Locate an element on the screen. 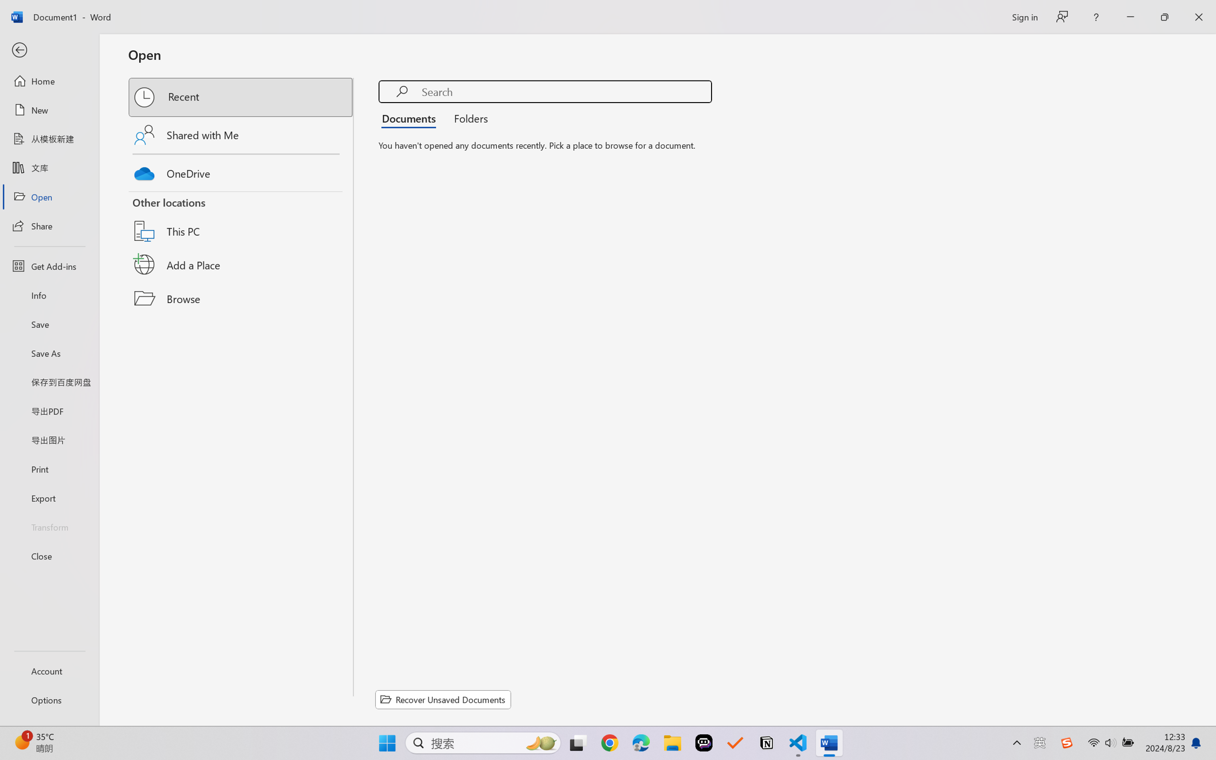  'OneDrive' is located at coordinates (241, 171).